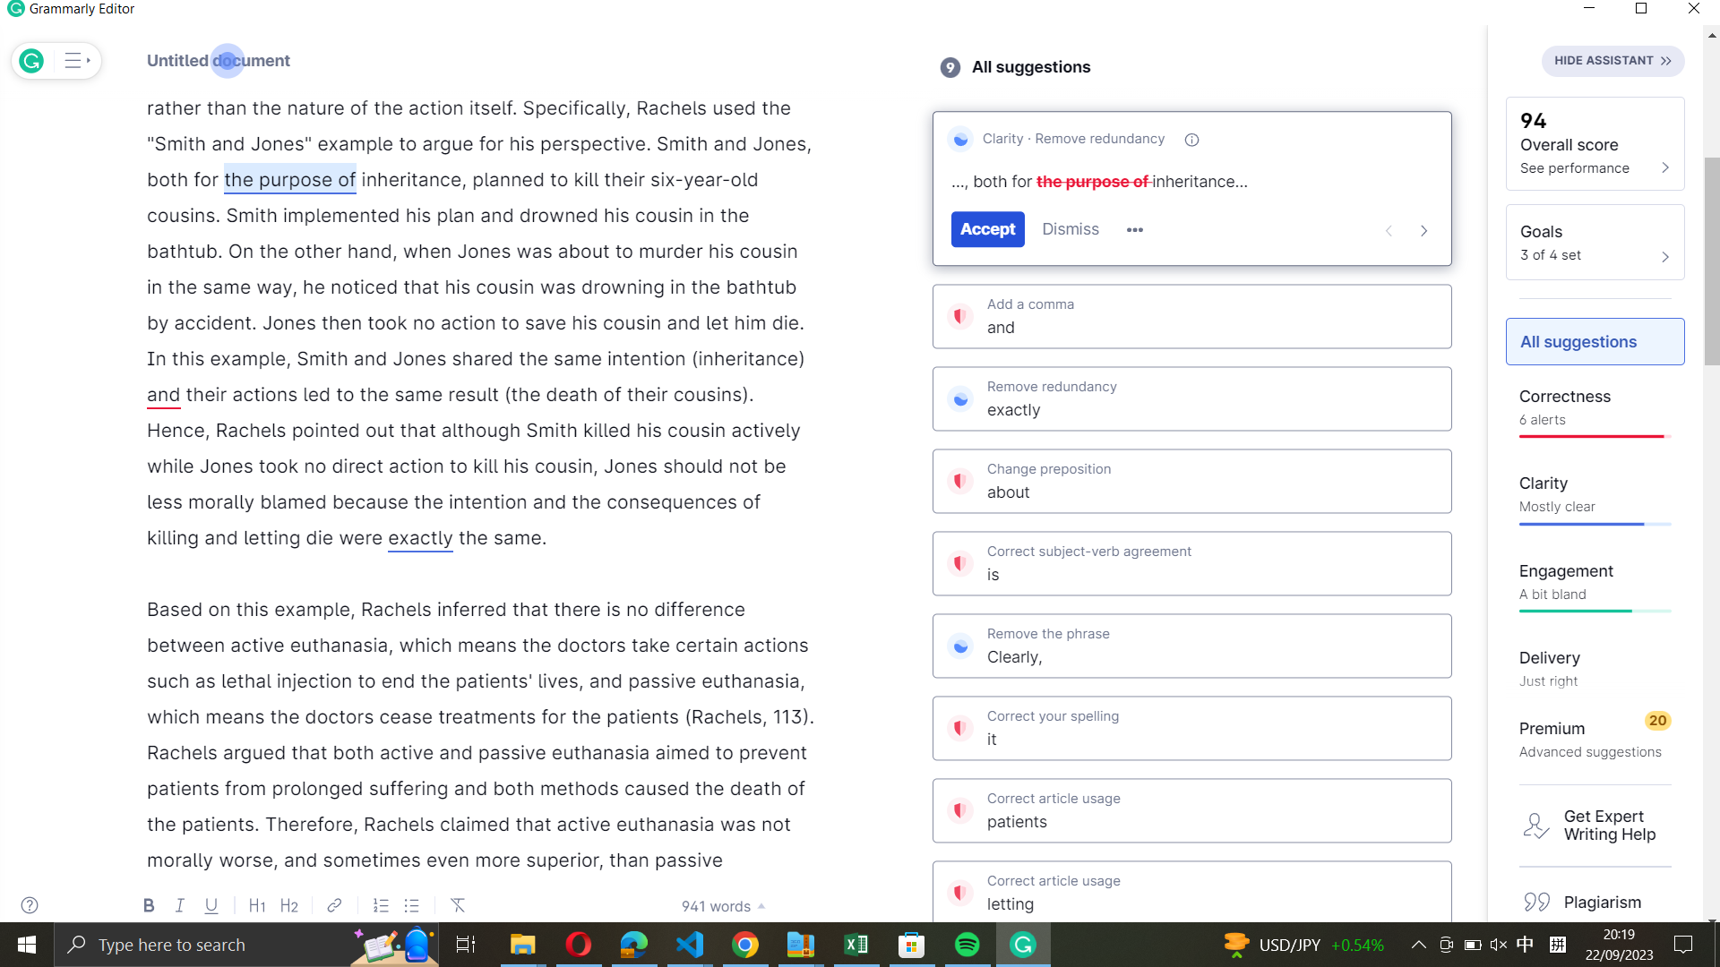 Image resolution: width=1720 pixels, height=967 pixels. Describe the element at coordinates (410, 179) in the screenshot. I see `Change the selected word to italic format` at that location.